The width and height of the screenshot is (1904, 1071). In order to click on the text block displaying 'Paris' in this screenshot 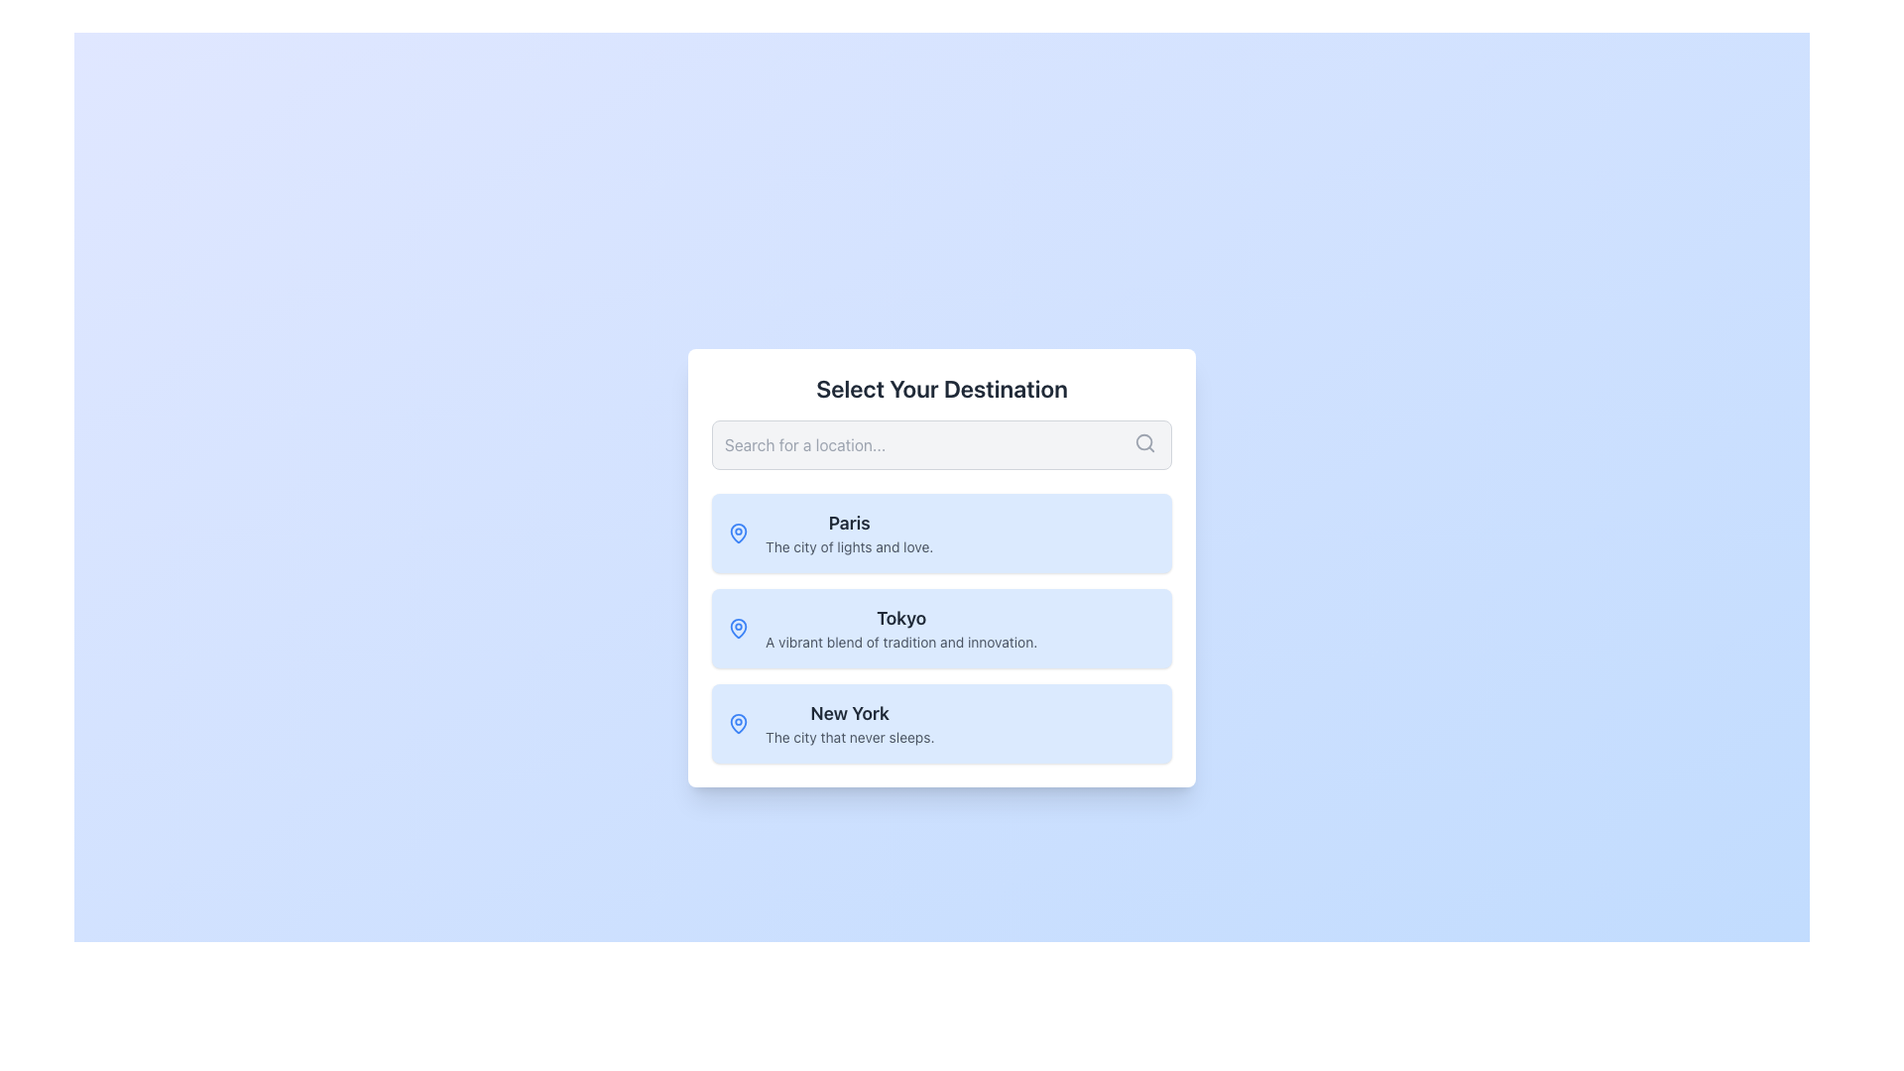, I will do `click(849, 532)`.